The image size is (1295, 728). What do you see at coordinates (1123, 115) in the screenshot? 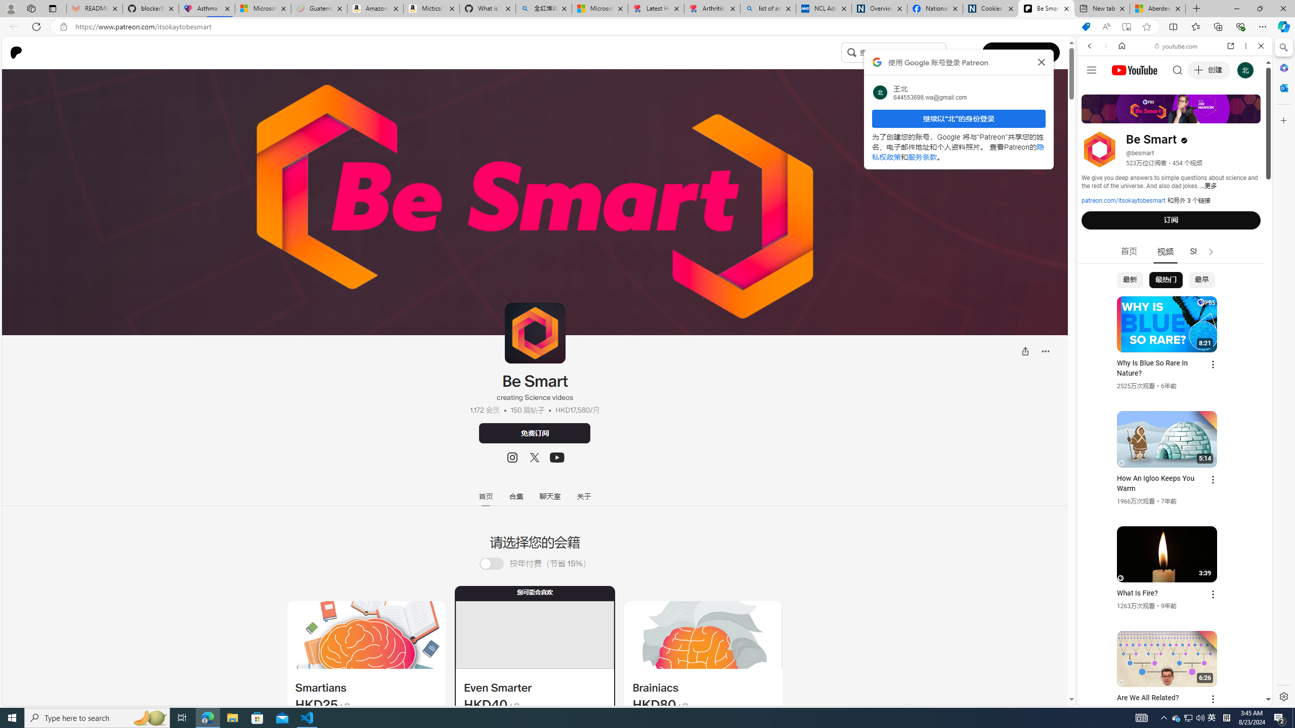
I see `'Search Filter, IMAGES'` at bounding box center [1123, 115].